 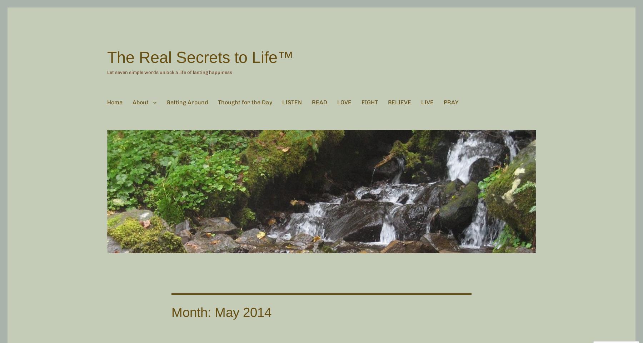 What do you see at coordinates (344, 102) in the screenshot?
I see `'LOVE'` at bounding box center [344, 102].